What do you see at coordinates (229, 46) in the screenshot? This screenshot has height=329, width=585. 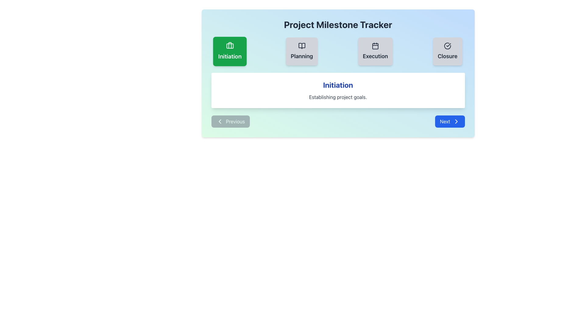 I see `the icon inside the green button labeled 'Initiation', which is part of a sequence of stages including 'Planning', 'Execution', and 'Closure'` at bounding box center [229, 46].